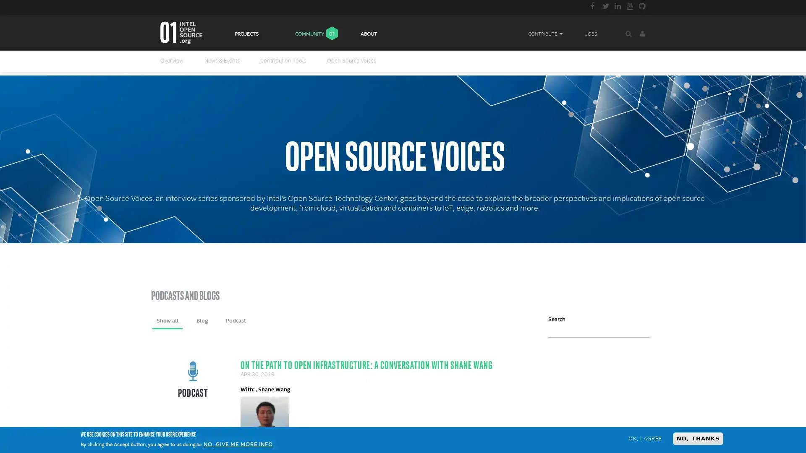  I want to click on OK, I AGREE, so click(644, 438).